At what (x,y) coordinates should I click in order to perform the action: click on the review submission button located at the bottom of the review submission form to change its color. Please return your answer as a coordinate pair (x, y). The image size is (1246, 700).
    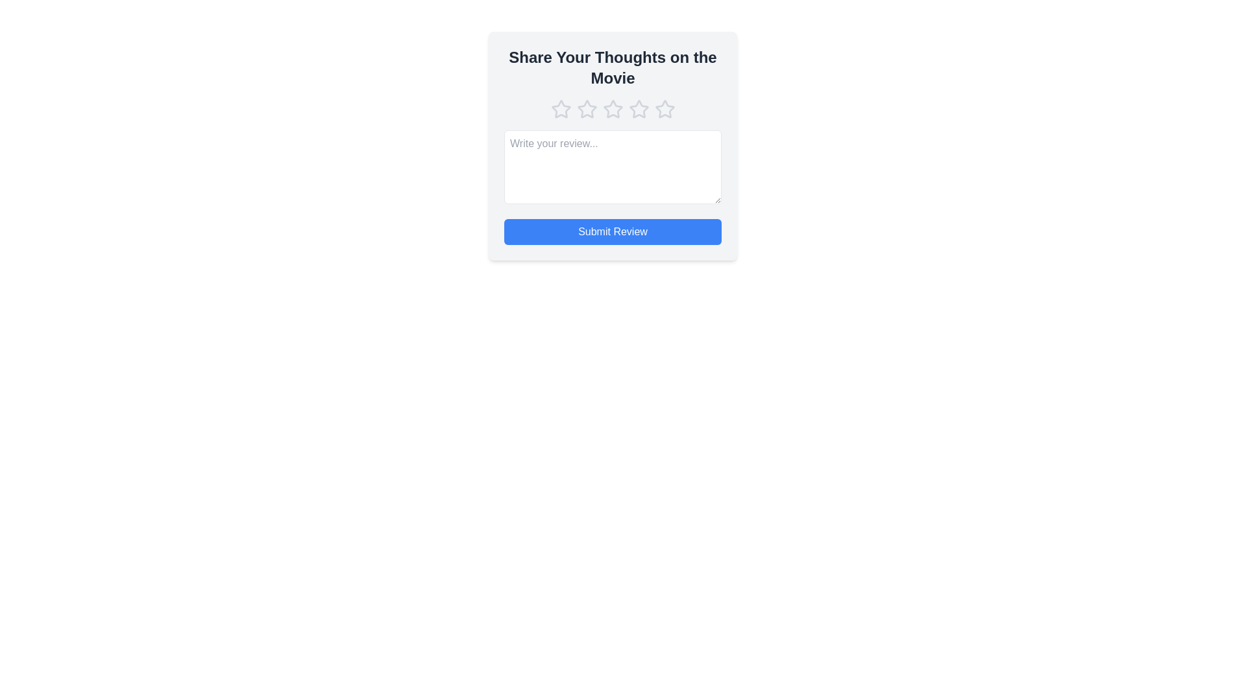
    Looking at the image, I should click on (612, 231).